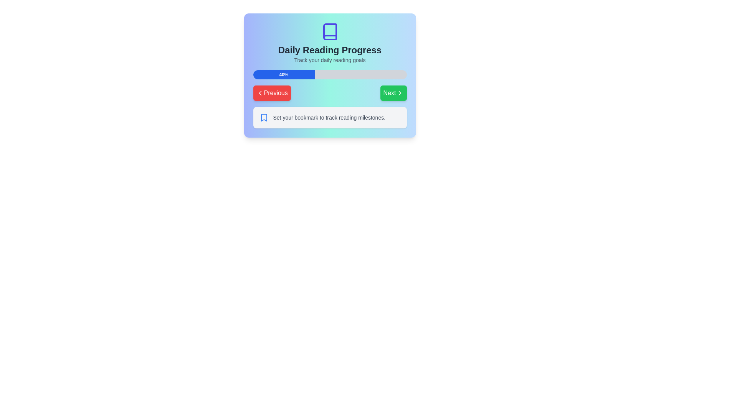 The image size is (737, 414). What do you see at coordinates (330, 118) in the screenshot?
I see `text from the Informational Banner, which describes how to set a bookmark to track reading milestones` at bounding box center [330, 118].